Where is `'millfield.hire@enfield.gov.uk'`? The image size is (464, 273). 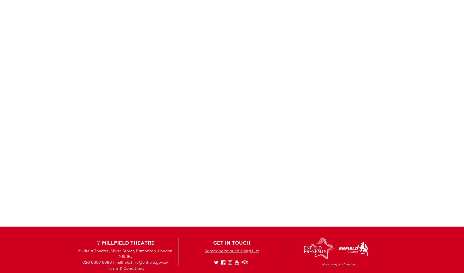 'millfield.hire@enfield.gov.uk' is located at coordinates (141, 262).